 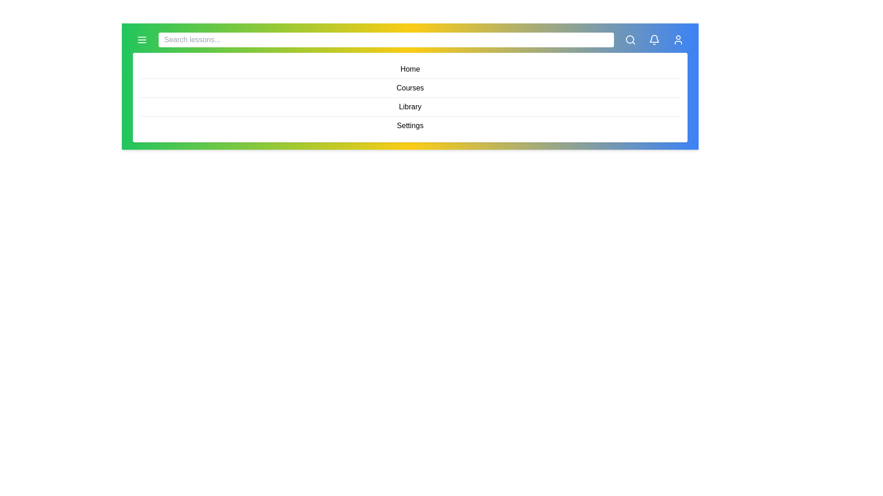 What do you see at coordinates (141, 39) in the screenshot?
I see `menu button to toggle the visibility of the menu` at bounding box center [141, 39].